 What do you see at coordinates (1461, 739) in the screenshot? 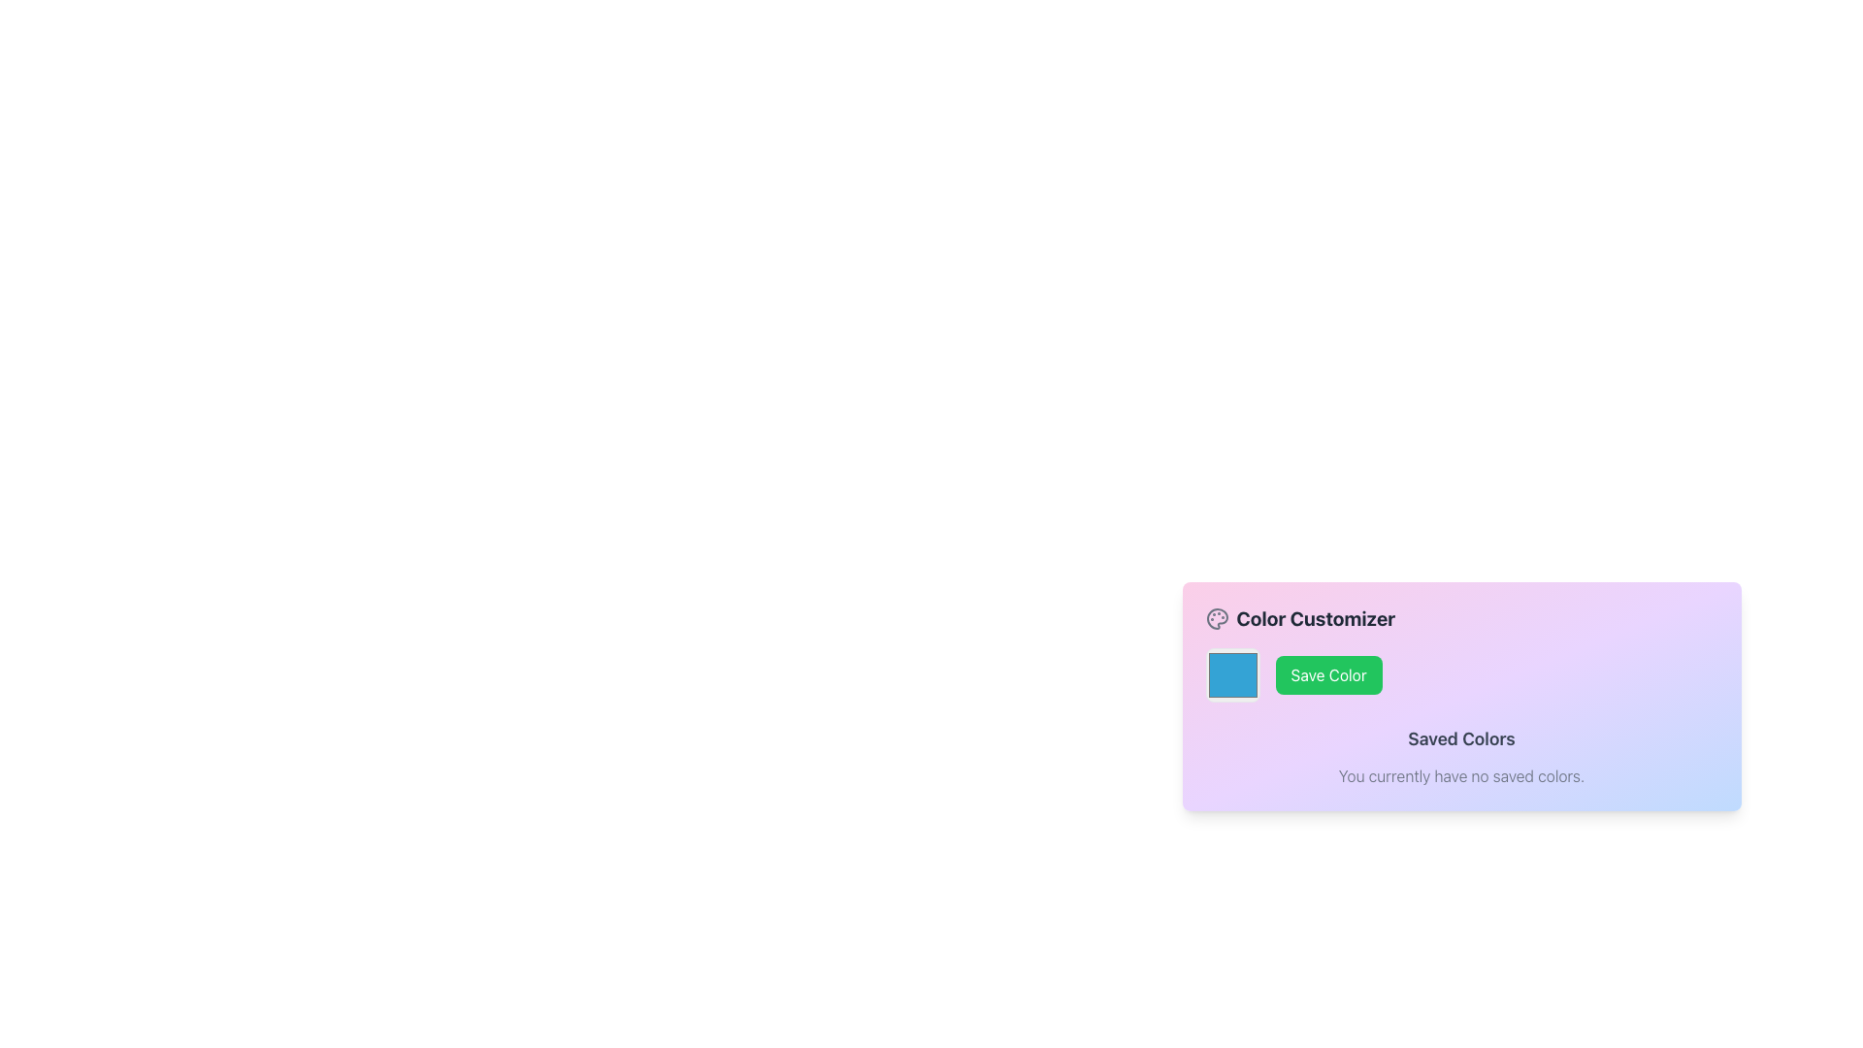
I see `the text label displaying 'Saved Colors', which is positioned below the 'Save Color' button and above the subtext 'You currently have no saved colors'` at bounding box center [1461, 739].